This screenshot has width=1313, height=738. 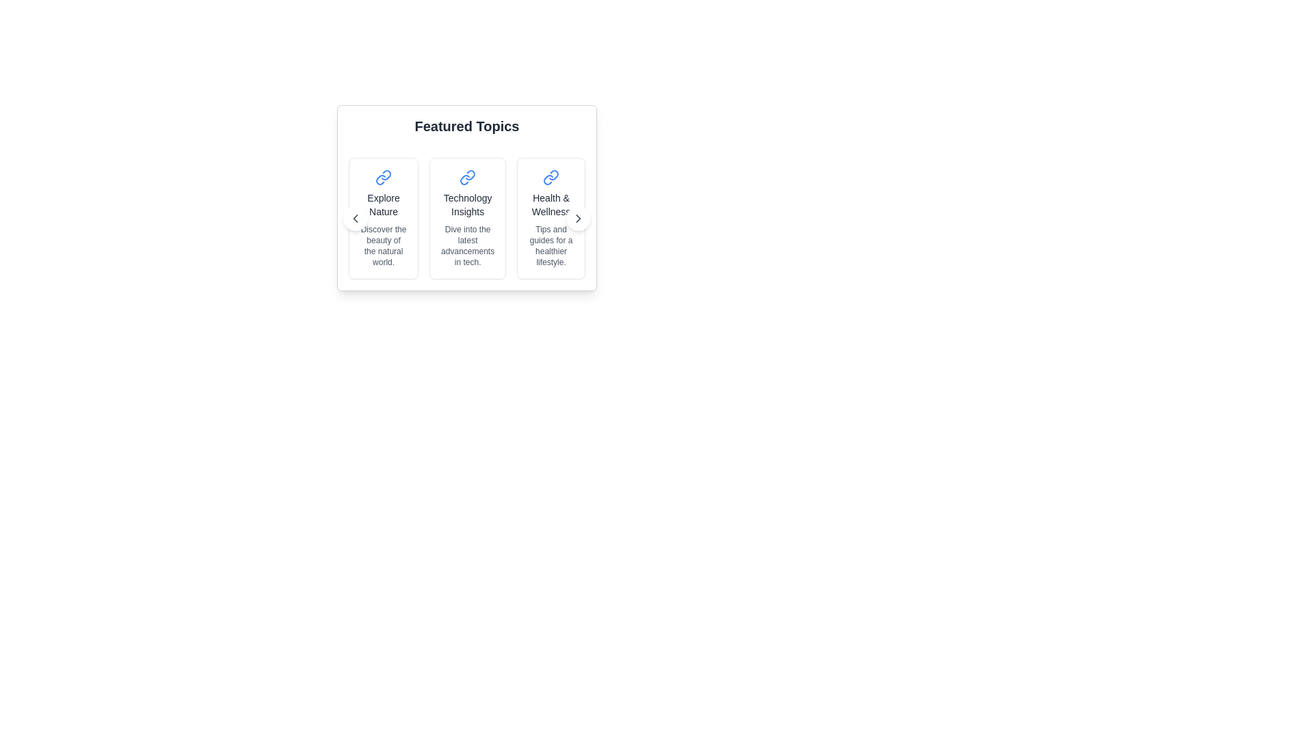 I want to click on the bottom portion of the link icon in the 'Health & Wellness' card, which is the third card from the left in the 'Featured Topics' section, so click(x=548, y=179).